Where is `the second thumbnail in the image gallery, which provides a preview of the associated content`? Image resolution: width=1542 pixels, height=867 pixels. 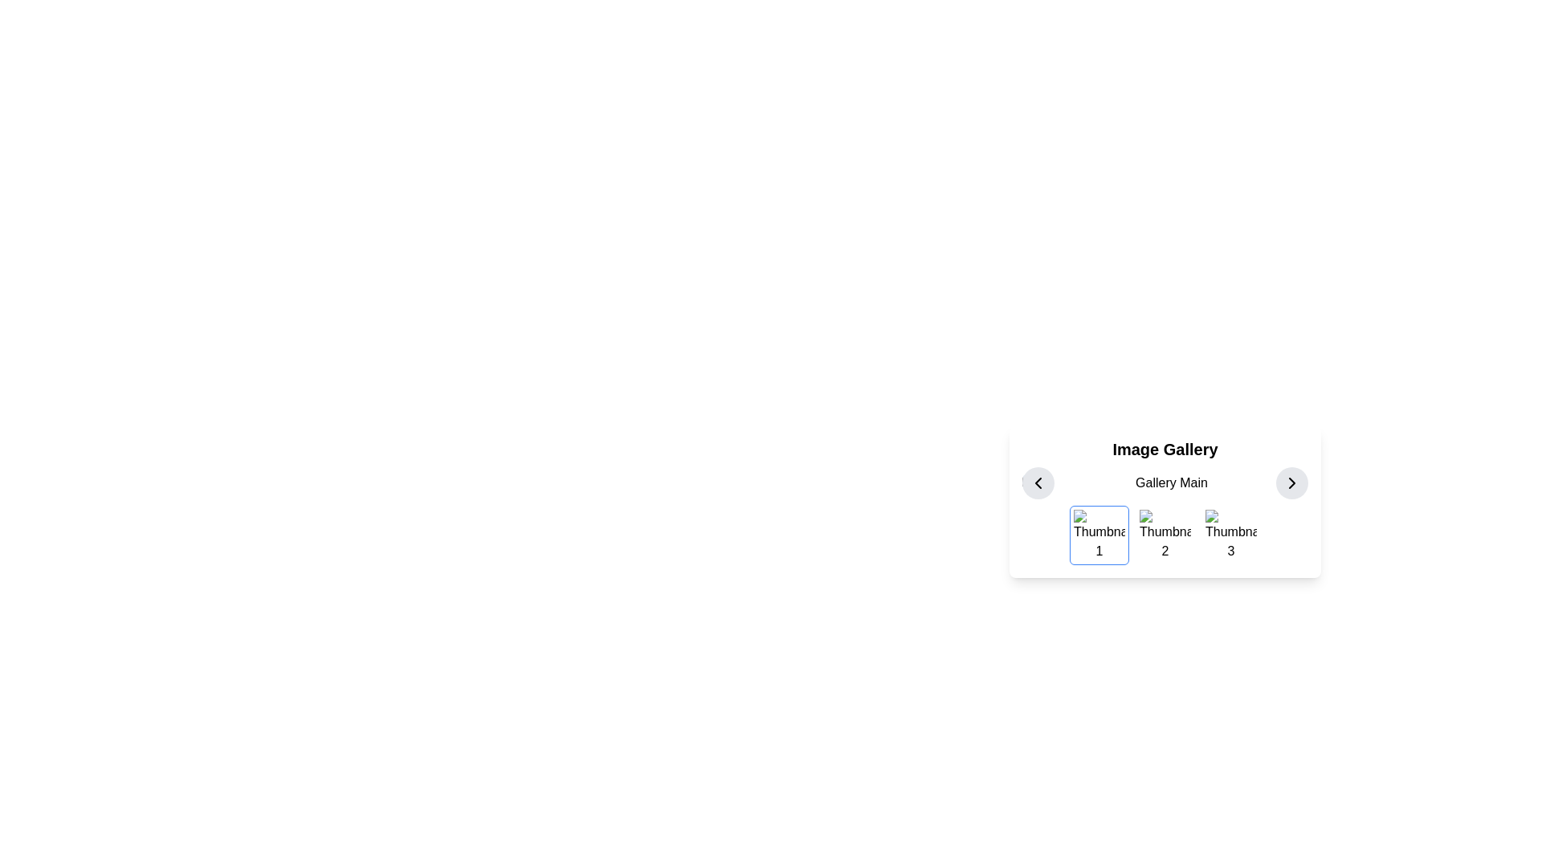
the second thumbnail in the image gallery, which provides a preview of the associated content is located at coordinates (1165, 535).